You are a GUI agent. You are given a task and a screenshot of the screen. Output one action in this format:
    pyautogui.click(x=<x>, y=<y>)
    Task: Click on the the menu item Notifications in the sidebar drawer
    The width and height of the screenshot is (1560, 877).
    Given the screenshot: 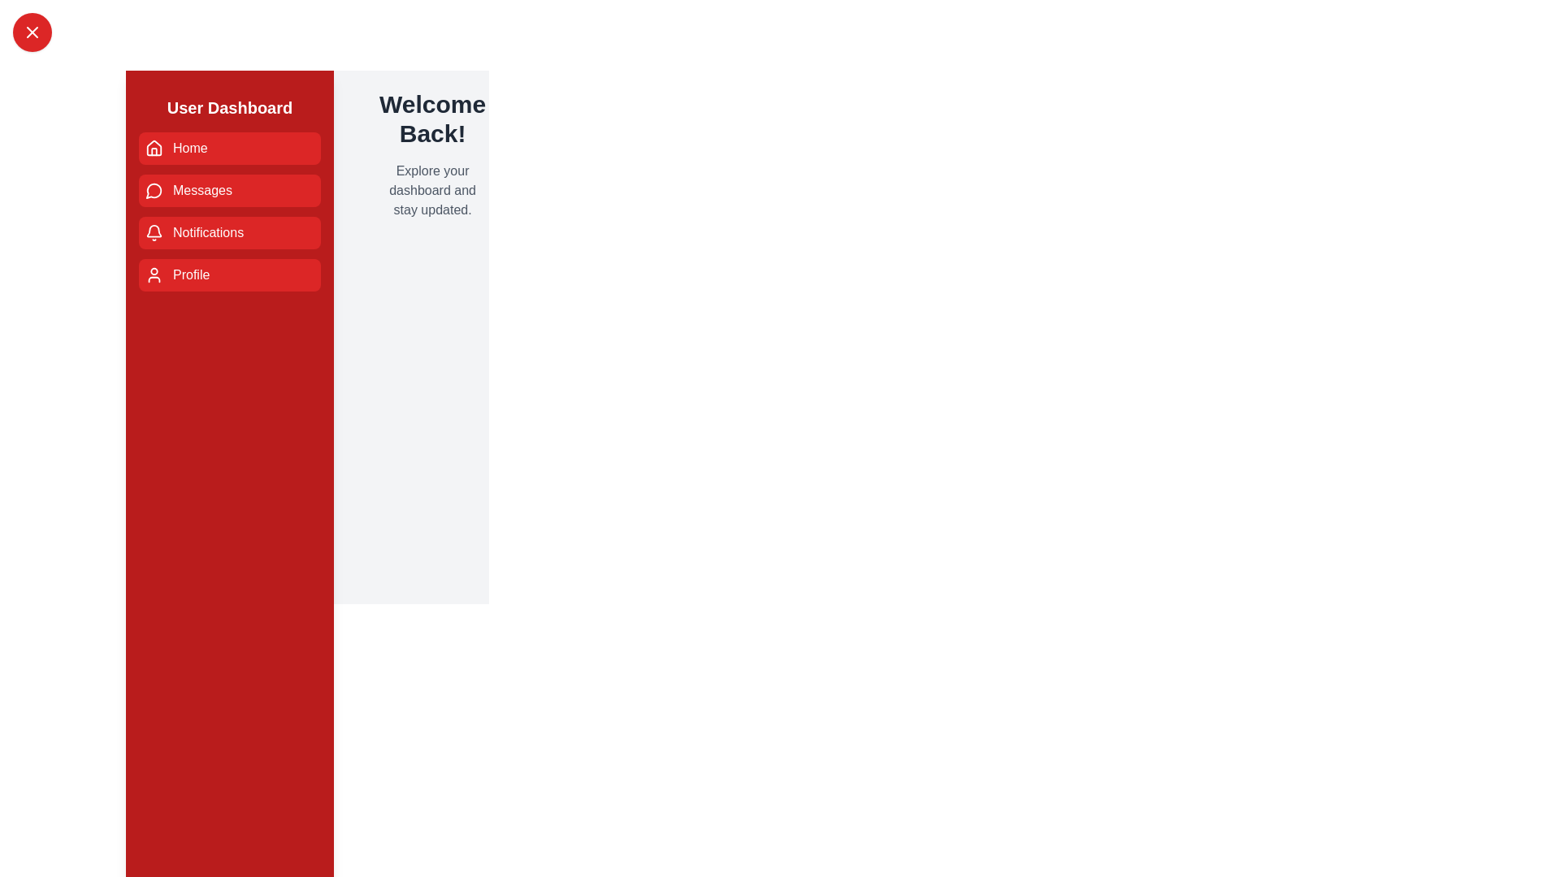 What is the action you would take?
    pyautogui.click(x=229, y=232)
    